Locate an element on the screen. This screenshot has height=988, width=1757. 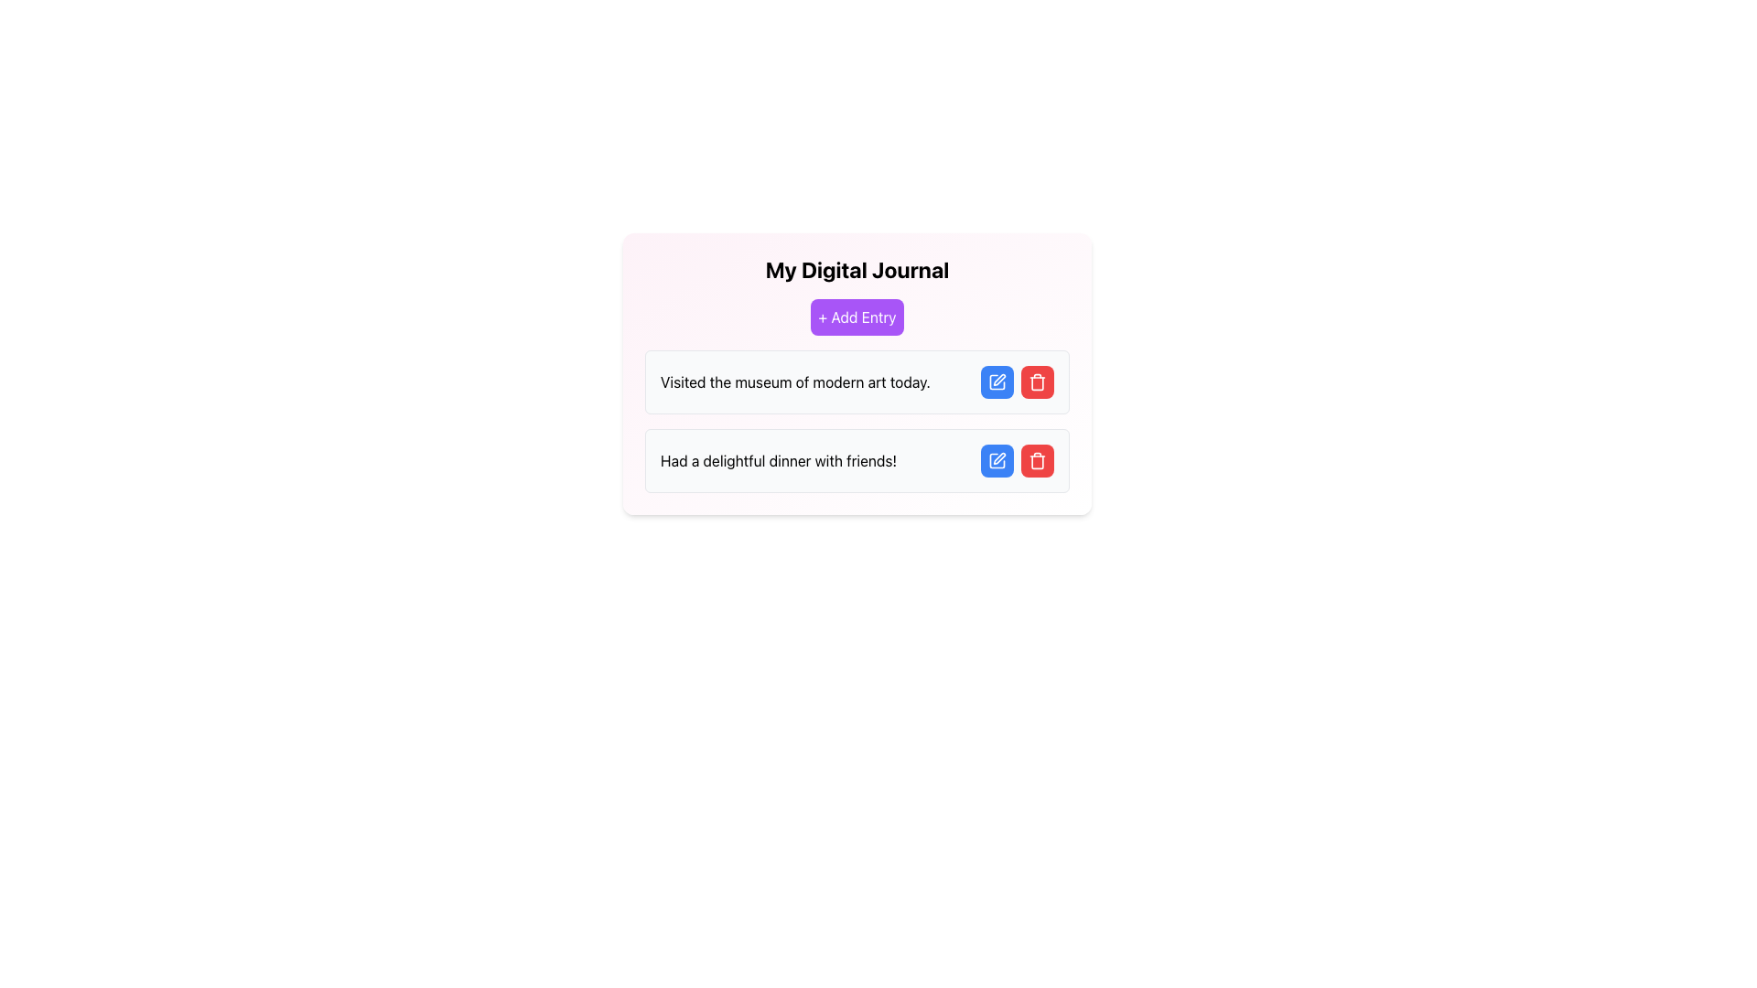
the leftmost button next to the red trash icon is located at coordinates (996, 381).